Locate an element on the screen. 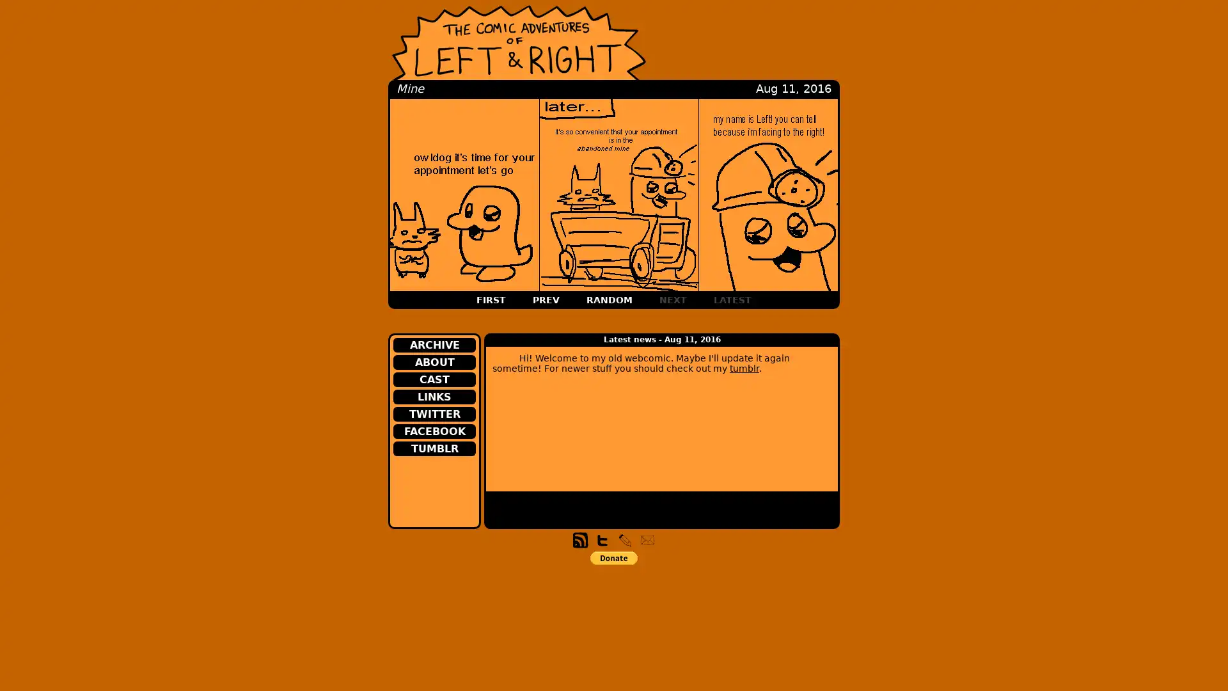  PayPal - The safer, easier way to pay online! is located at coordinates (613, 557).